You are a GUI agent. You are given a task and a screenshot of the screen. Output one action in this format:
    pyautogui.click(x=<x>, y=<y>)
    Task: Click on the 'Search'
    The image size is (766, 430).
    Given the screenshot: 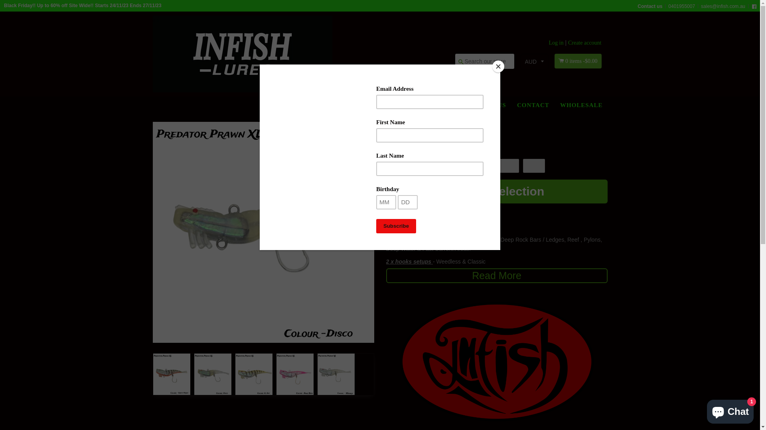 What is the action you would take?
    pyautogui.click(x=461, y=61)
    